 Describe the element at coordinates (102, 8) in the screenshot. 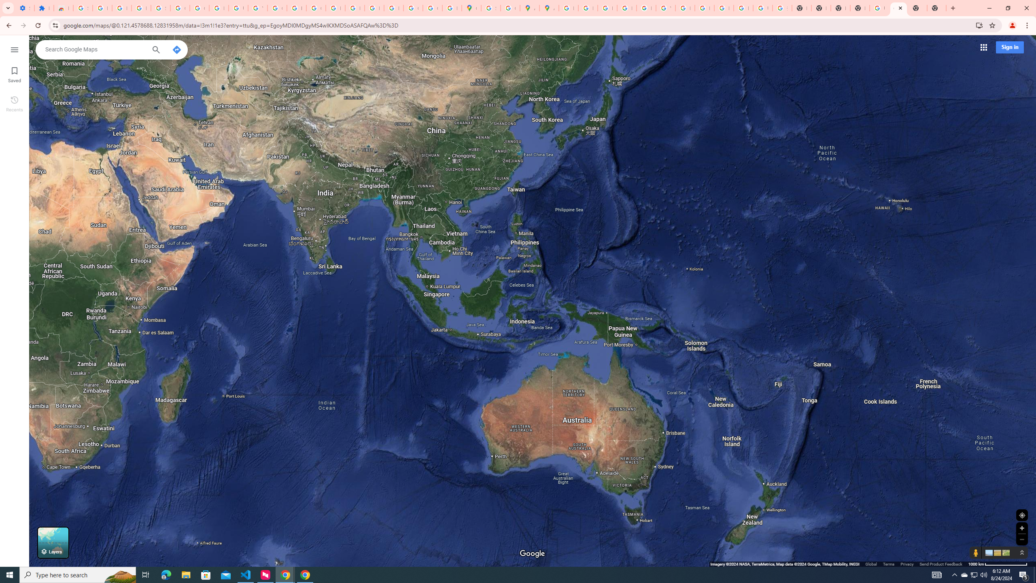

I see `'Delete photos & videos - Computer - Google Photos Help'` at that location.